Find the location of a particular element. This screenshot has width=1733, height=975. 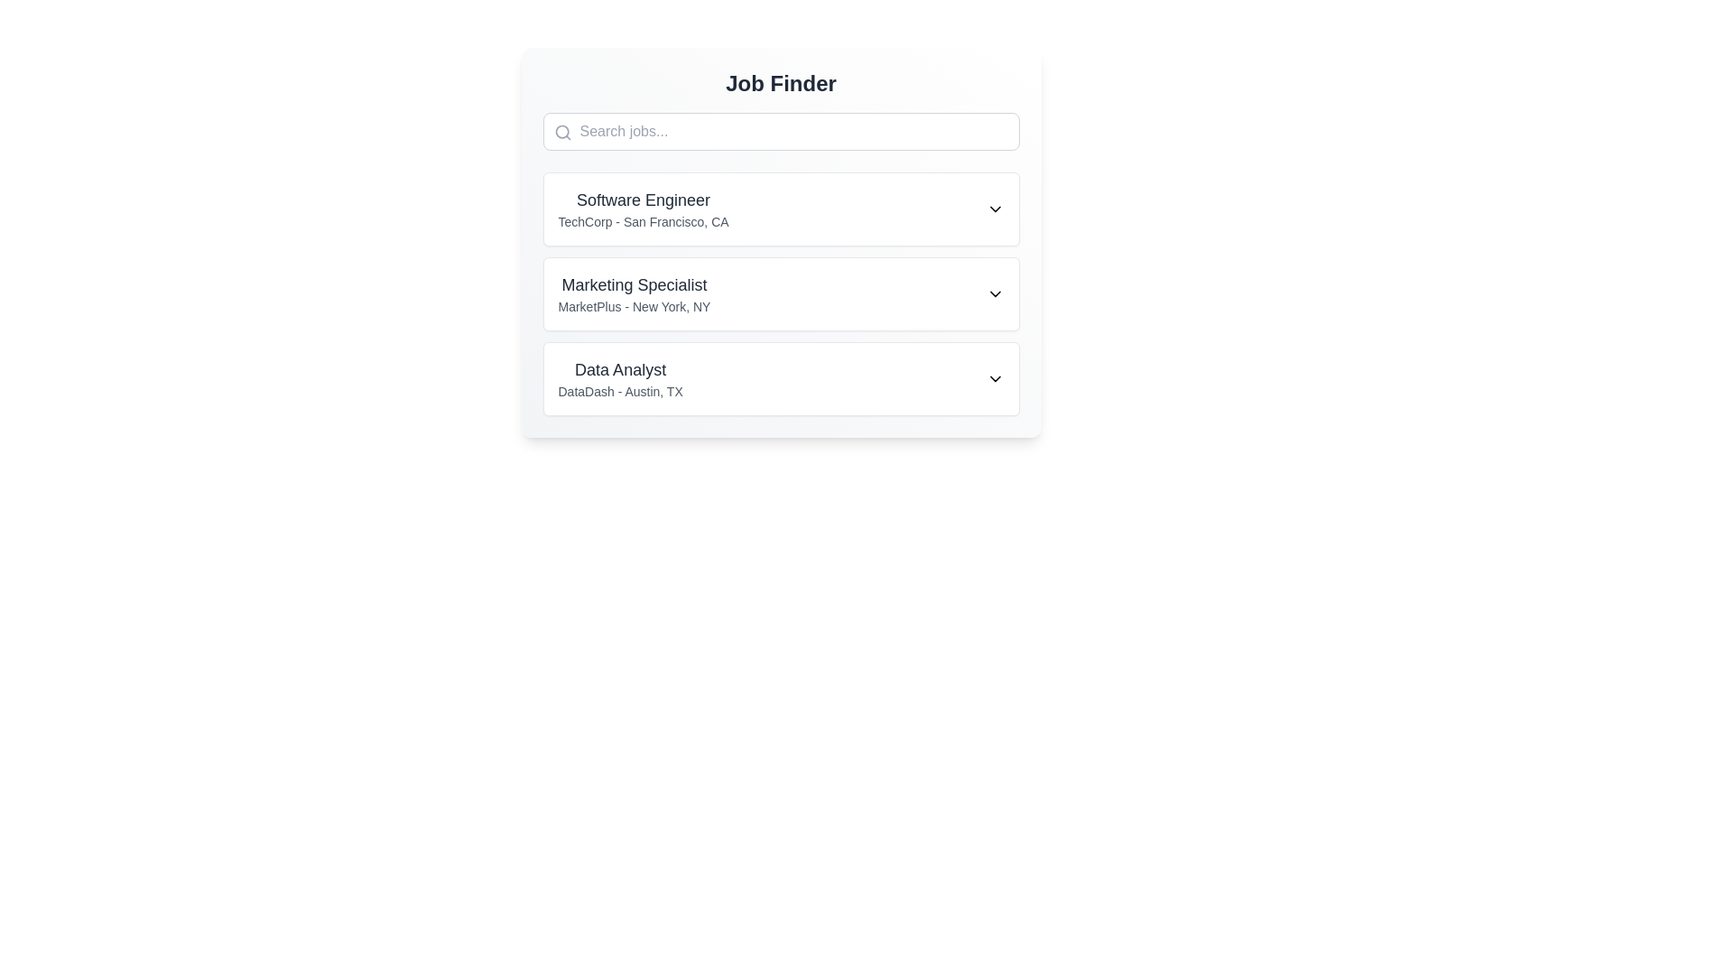

the second job listing in the Job Finder panel is located at coordinates (781, 293).